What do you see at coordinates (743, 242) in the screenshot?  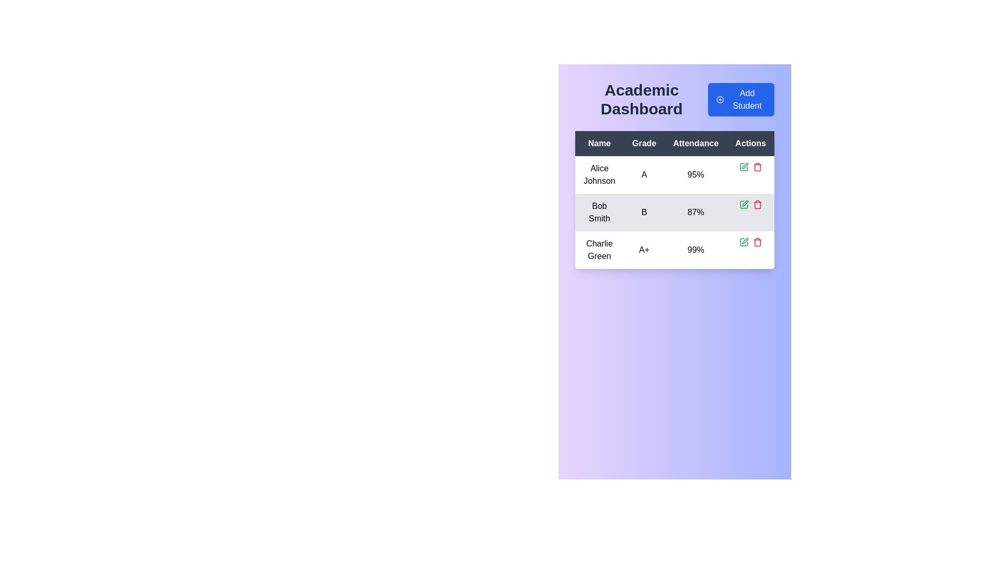 I see `the edit icon in the 'Actions' column associated with the row for 'Charlie Green'` at bounding box center [743, 242].